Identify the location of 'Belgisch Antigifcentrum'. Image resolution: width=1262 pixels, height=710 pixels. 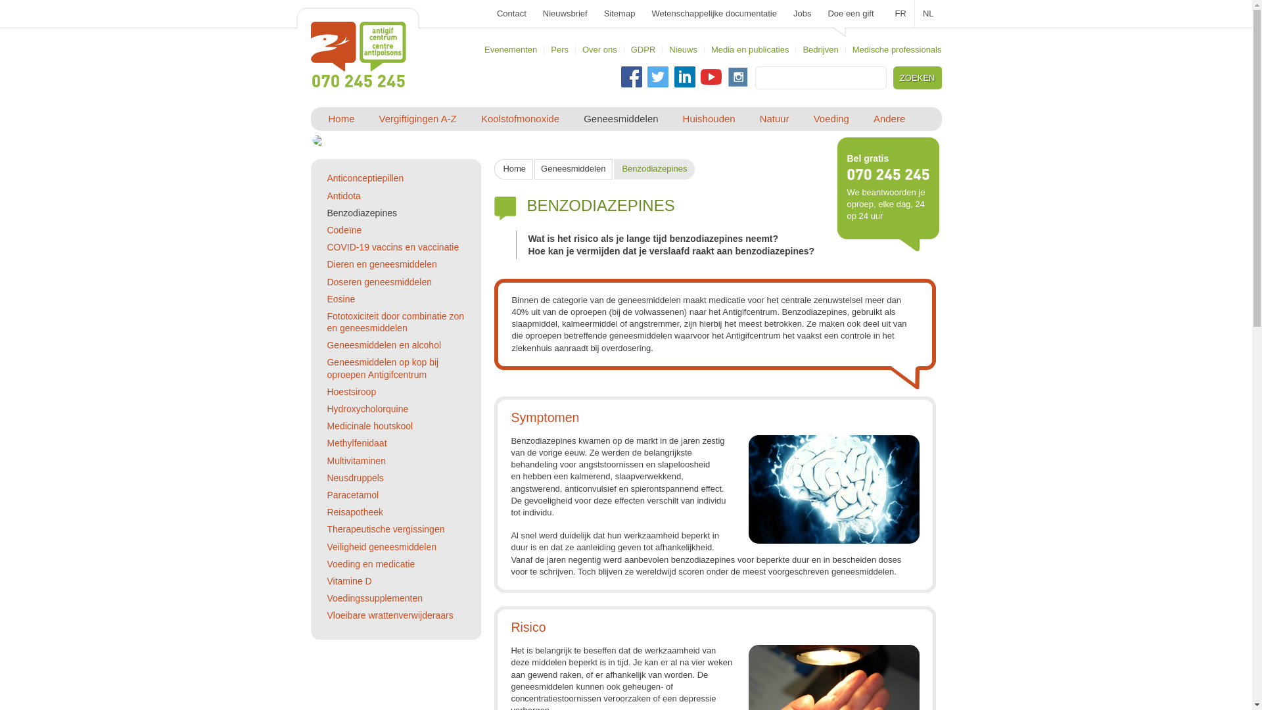
(358, 54).